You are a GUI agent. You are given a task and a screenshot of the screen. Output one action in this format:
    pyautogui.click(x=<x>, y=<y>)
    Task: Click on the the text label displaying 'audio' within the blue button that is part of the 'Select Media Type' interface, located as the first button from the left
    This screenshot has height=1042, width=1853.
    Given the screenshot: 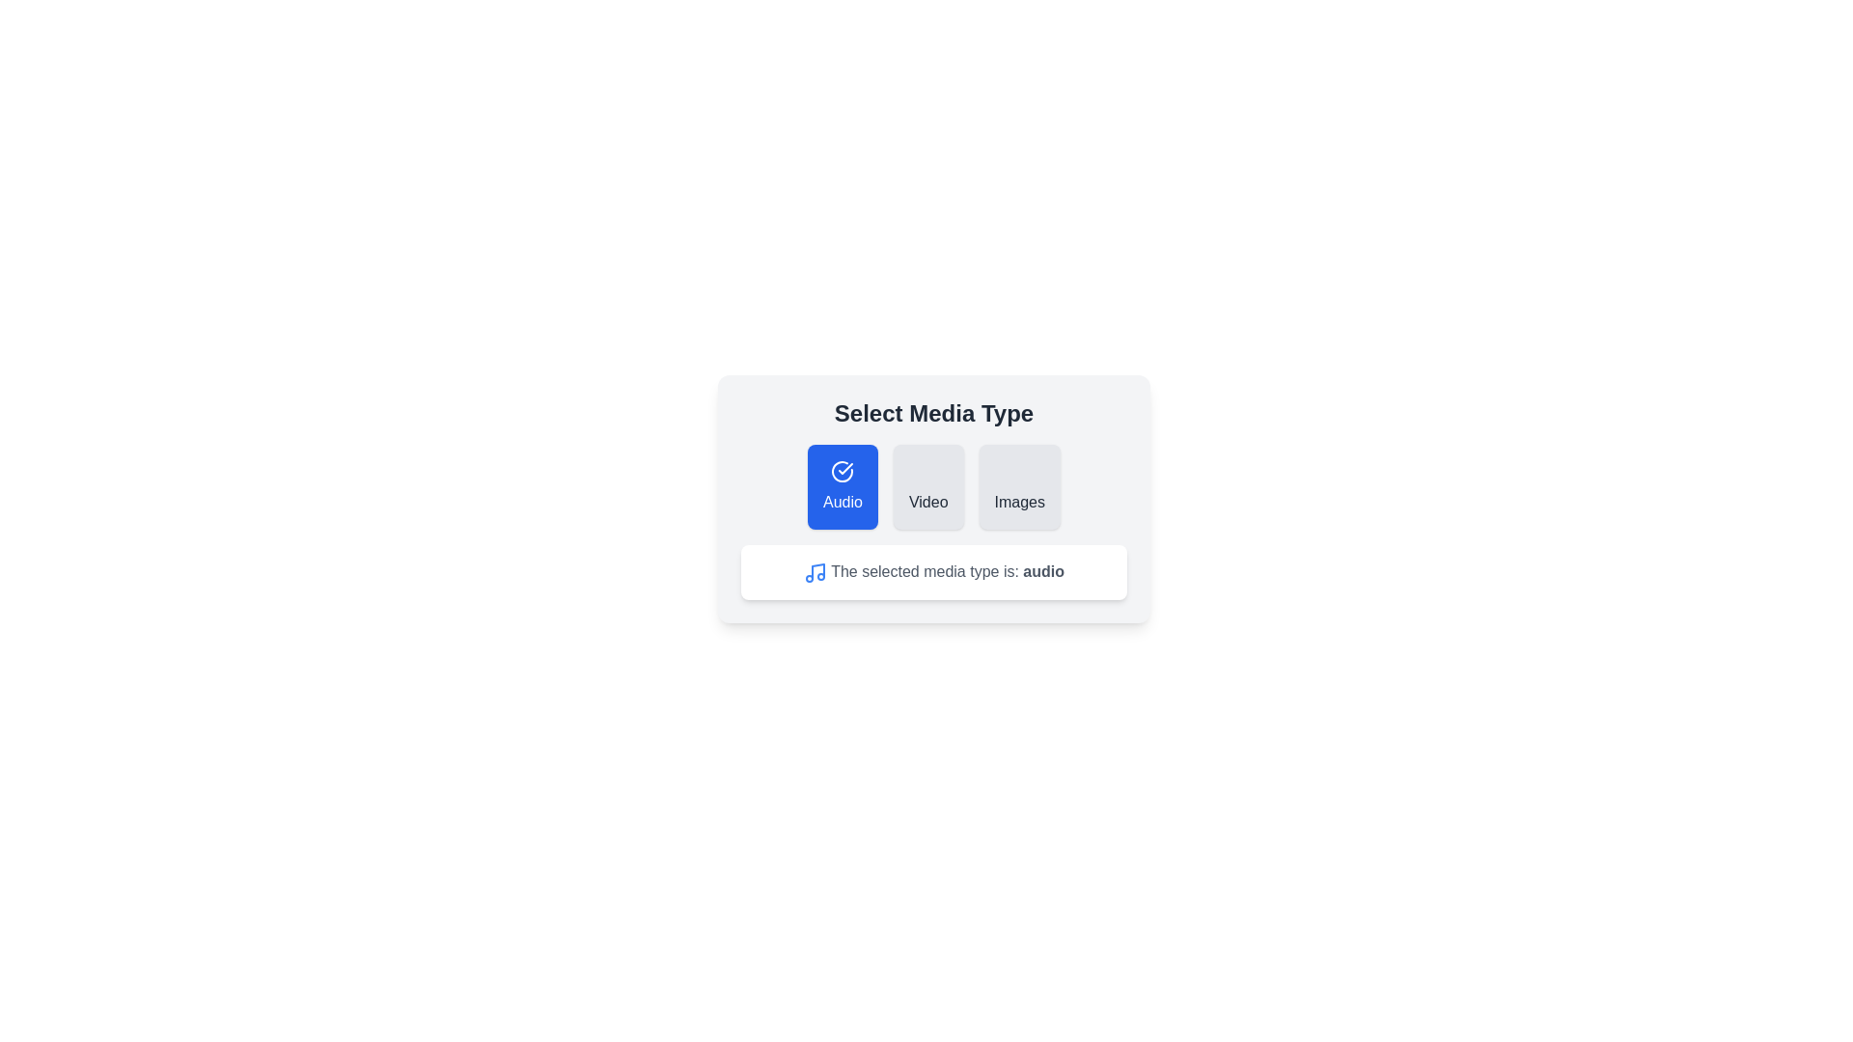 What is the action you would take?
    pyautogui.click(x=843, y=501)
    